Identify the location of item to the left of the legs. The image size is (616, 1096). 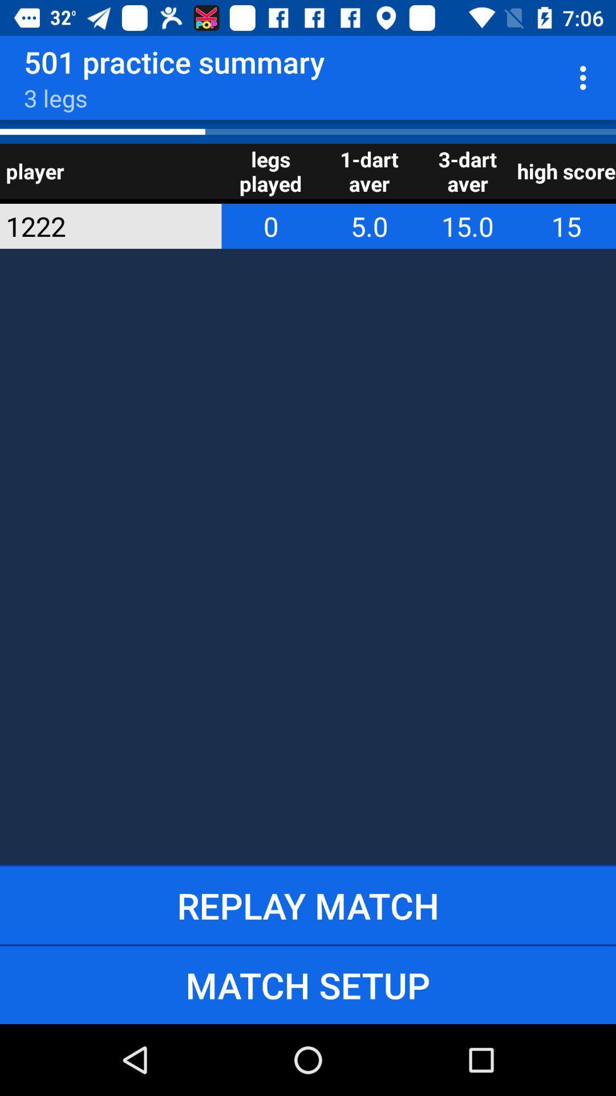
(95, 226).